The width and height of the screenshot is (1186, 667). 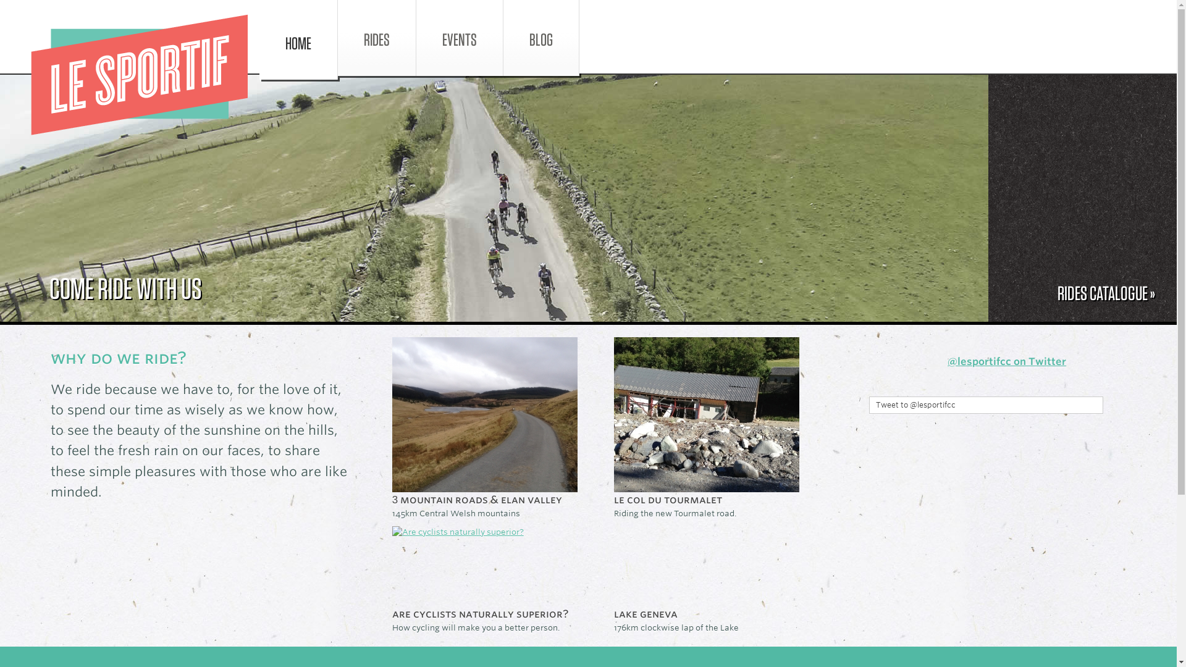 I want to click on 'EVENTS', so click(x=459, y=37).